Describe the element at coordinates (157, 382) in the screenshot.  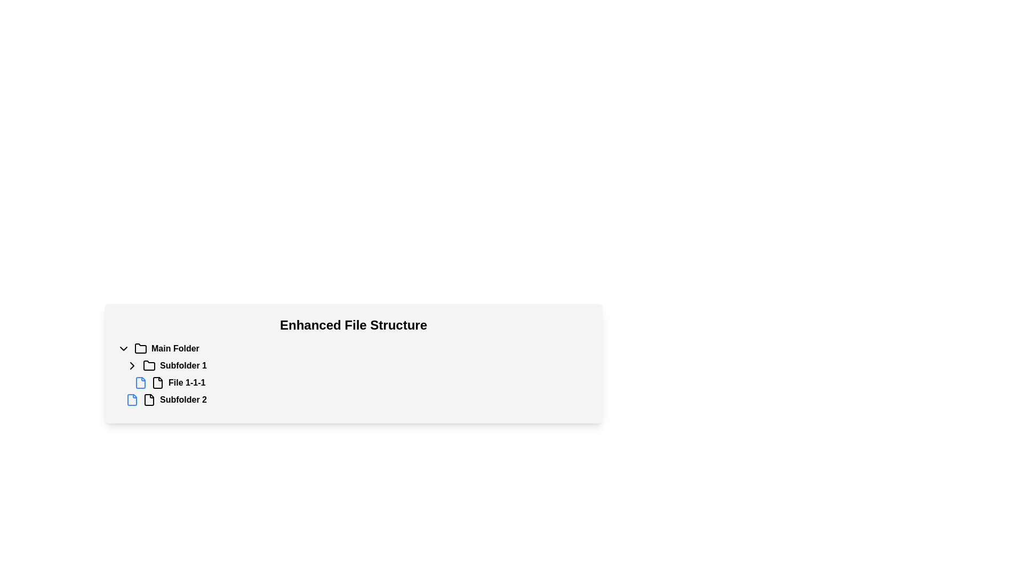
I see `the third icon in the row associated with 'File 1-1-1', which serves as a symbolic representation of file entities` at that location.